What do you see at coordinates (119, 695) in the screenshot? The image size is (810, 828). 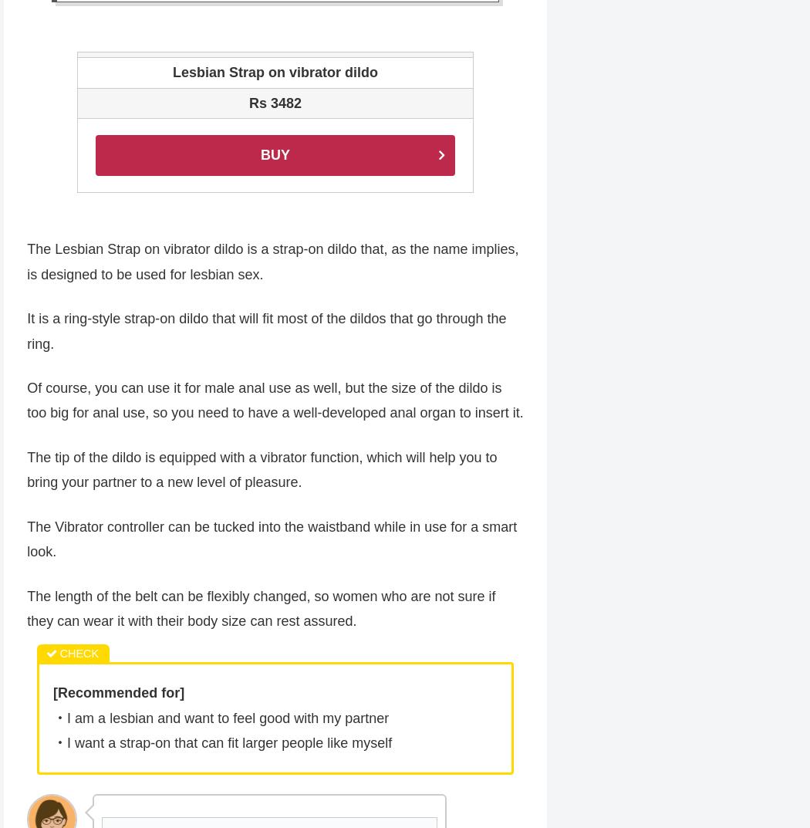 I see `'[Recommended for]'` at bounding box center [119, 695].